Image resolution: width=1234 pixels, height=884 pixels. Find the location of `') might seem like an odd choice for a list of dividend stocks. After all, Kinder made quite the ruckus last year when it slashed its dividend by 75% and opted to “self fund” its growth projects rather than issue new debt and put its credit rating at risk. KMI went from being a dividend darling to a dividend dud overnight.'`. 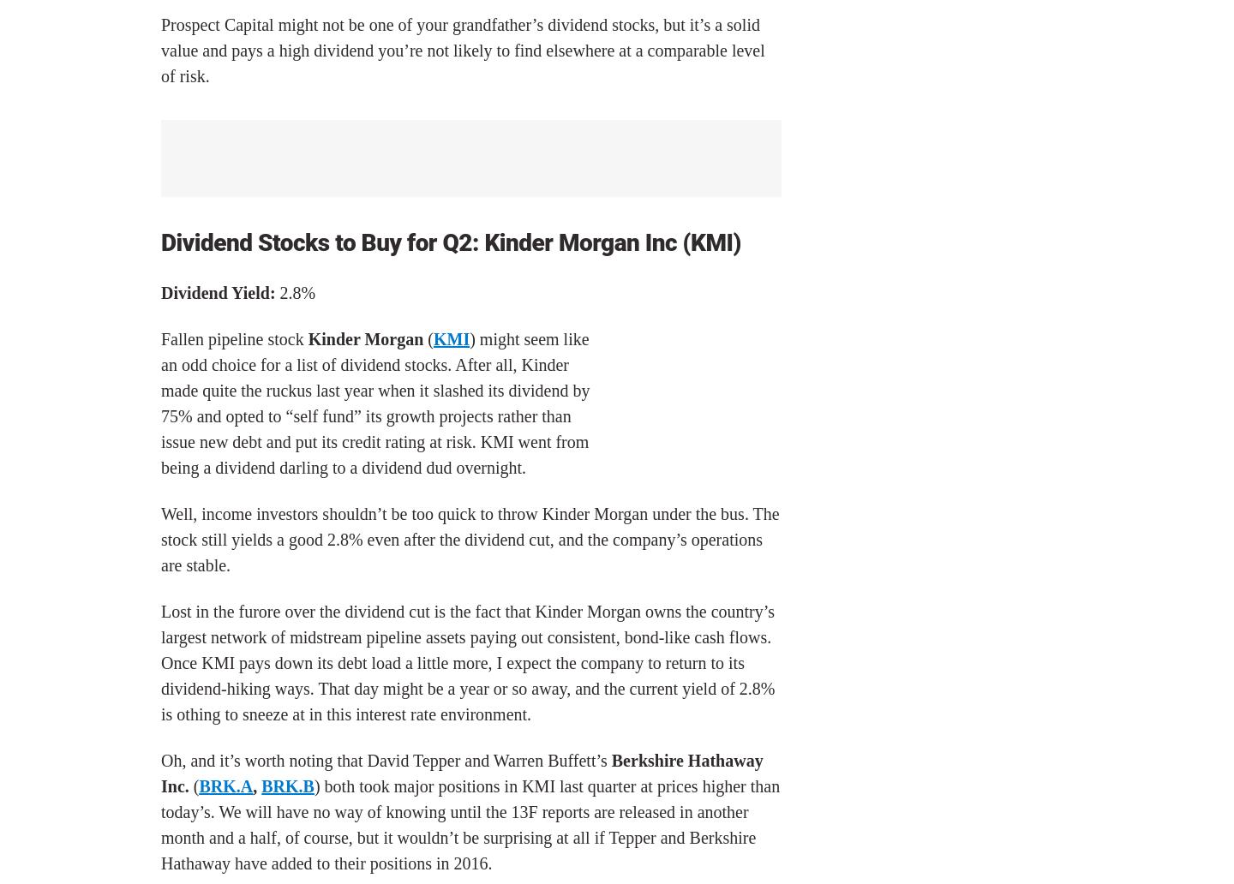

') might seem like an odd choice for a list of dividend stocks. After all, Kinder made quite the ruckus last year when it slashed its dividend by 75% and opted to “self fund” its growth projects rather than issue new debt and put its credit rating at risk. KMI went from being a dividend darling to a dividend dud overnight.' is located at coordinates (375, 401).